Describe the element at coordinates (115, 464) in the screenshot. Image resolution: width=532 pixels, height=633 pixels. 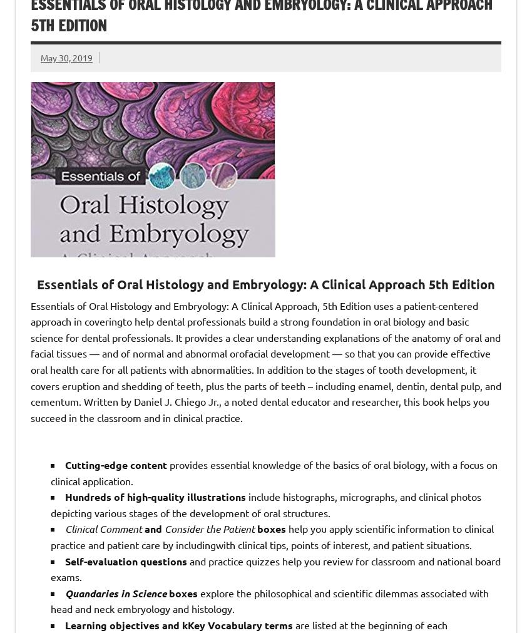
I see `'Cutting-edge content'` at that location.